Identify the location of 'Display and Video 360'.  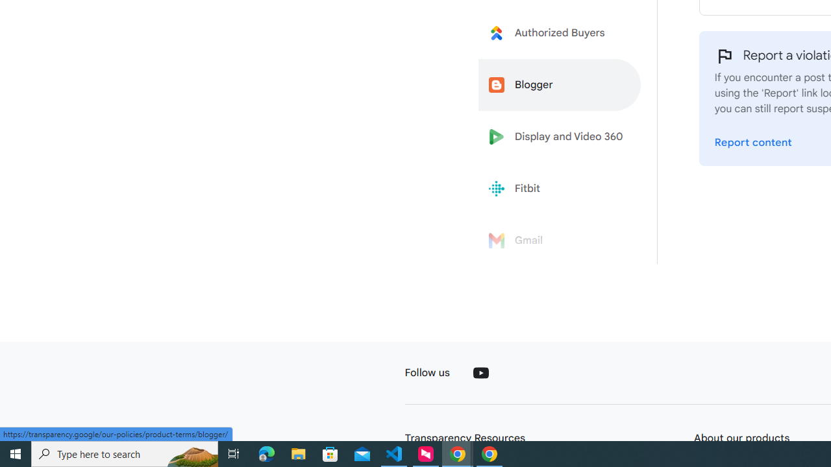
(560, 137).